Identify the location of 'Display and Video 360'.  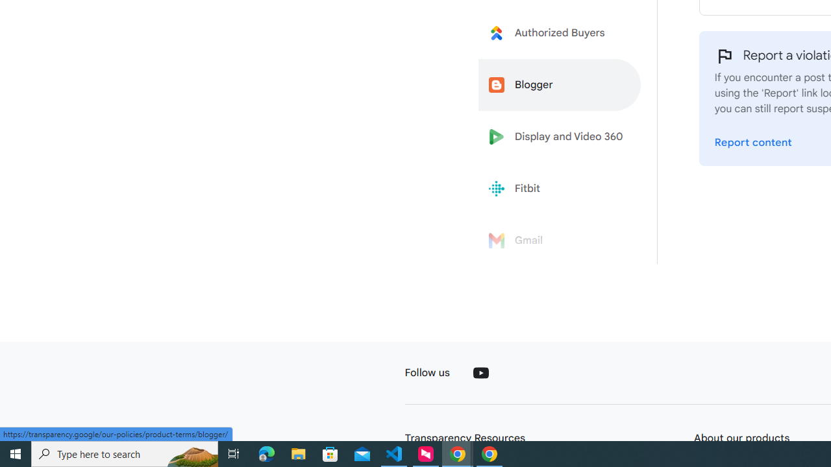
(560, 137).